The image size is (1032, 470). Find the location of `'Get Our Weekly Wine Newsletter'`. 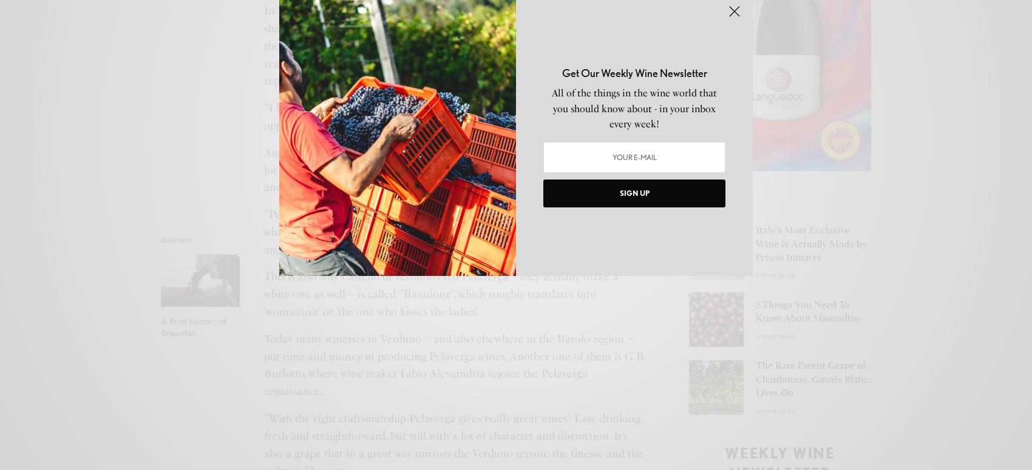

'Get Our Weekly Wine Newsletter' is located at coordinates (633, 73).